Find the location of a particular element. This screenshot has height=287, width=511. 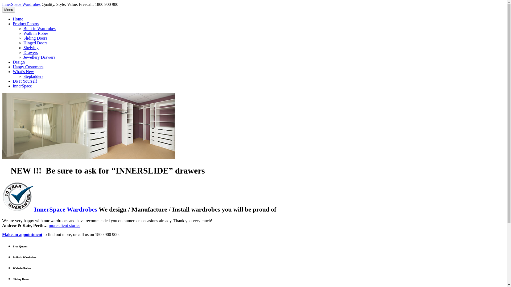

'Design' is located at coordinates (19, 62).